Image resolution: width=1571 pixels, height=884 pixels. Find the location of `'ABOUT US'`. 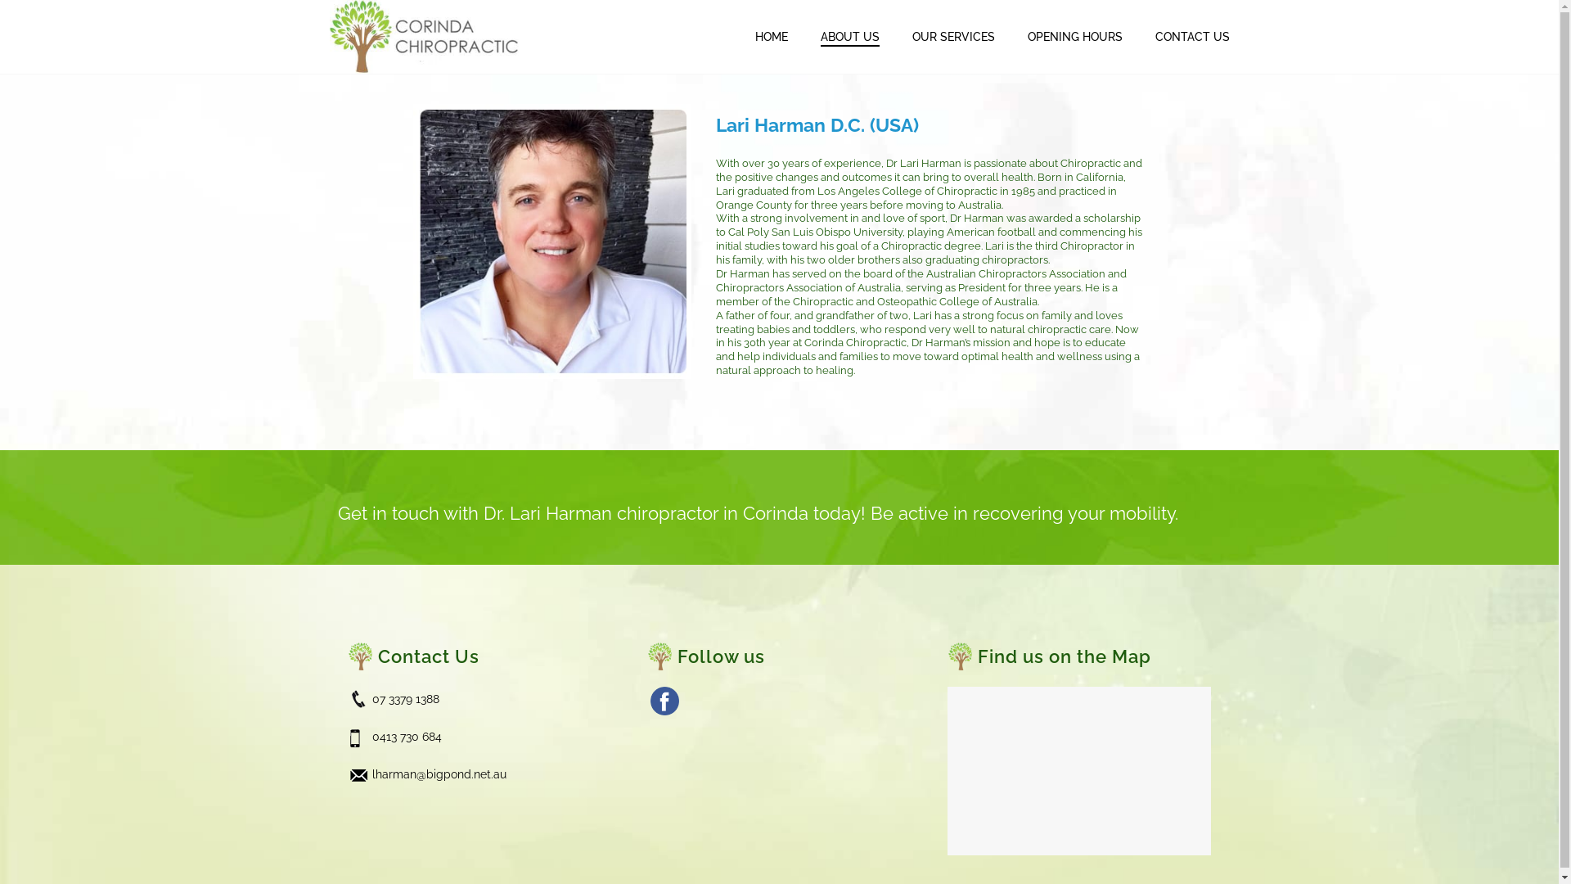

'ABOUT US' is located at coordinates (849, 37).